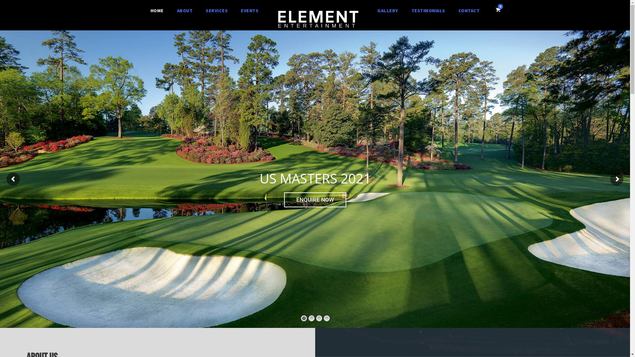 This screenshot has width=635, height=357. What do you see at coordinates (315, 199) in the screenshot?
I see `'ENQUIRE NOW'` at bounding box center [315, 199].